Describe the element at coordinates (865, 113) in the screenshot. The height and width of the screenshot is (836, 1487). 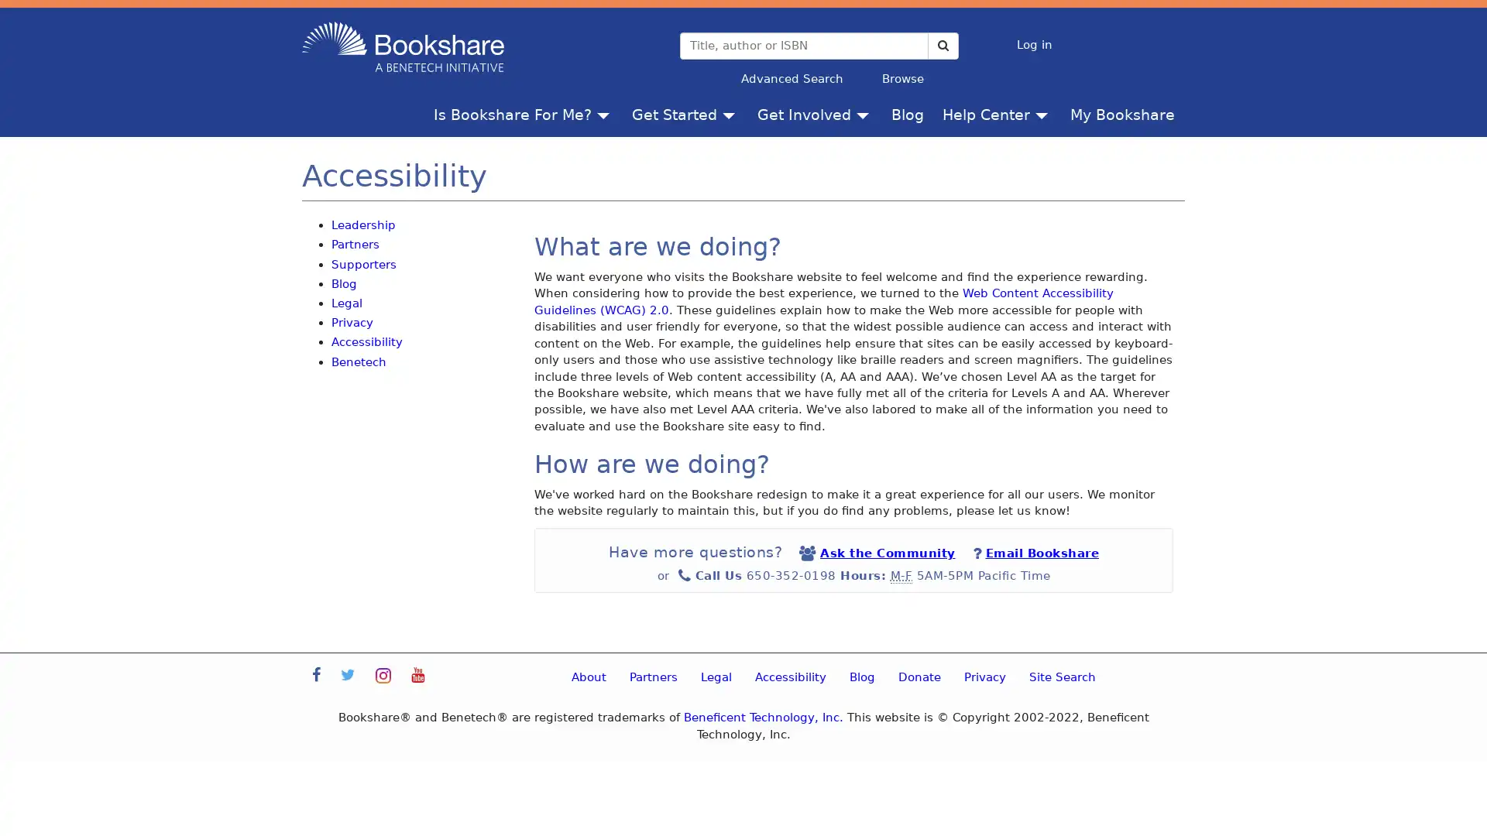
I see `Get Involved menu` at that location.